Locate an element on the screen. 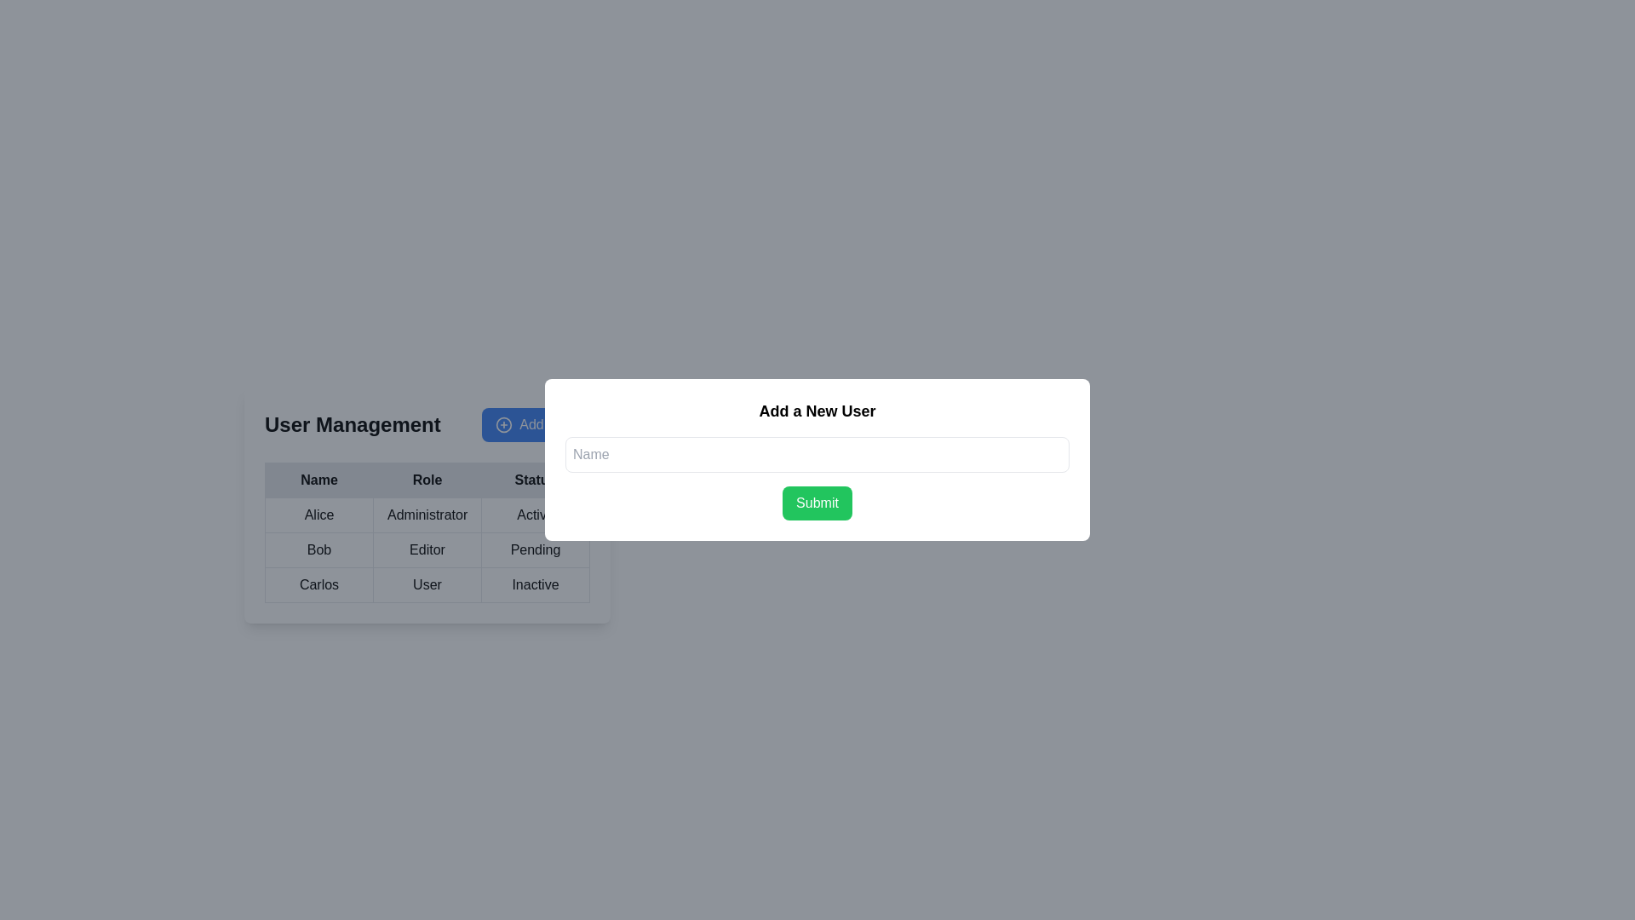 Image resolution: width=1635 pixels, height=920 pixels. text displayed in the status label which shows 'Active', located in the rightmost position of its row under the 'Status' column is located at coordinates (534, 515).